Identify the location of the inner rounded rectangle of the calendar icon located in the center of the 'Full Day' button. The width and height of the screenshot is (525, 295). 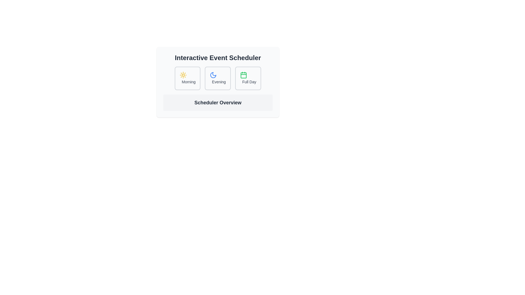
(243, 75).